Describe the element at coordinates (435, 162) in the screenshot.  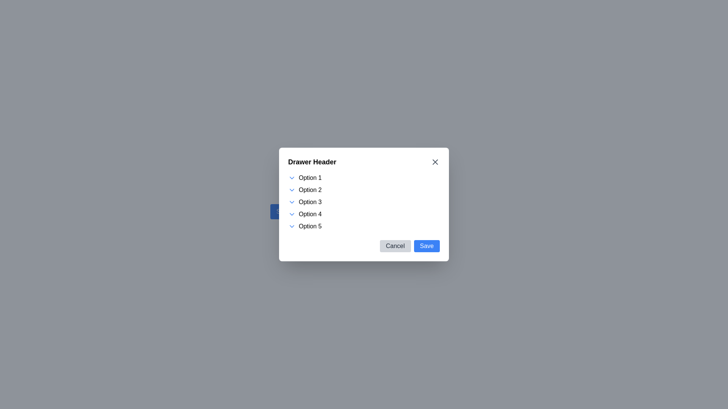
I see `the close button located at the top right corner of the modal window` at that location.